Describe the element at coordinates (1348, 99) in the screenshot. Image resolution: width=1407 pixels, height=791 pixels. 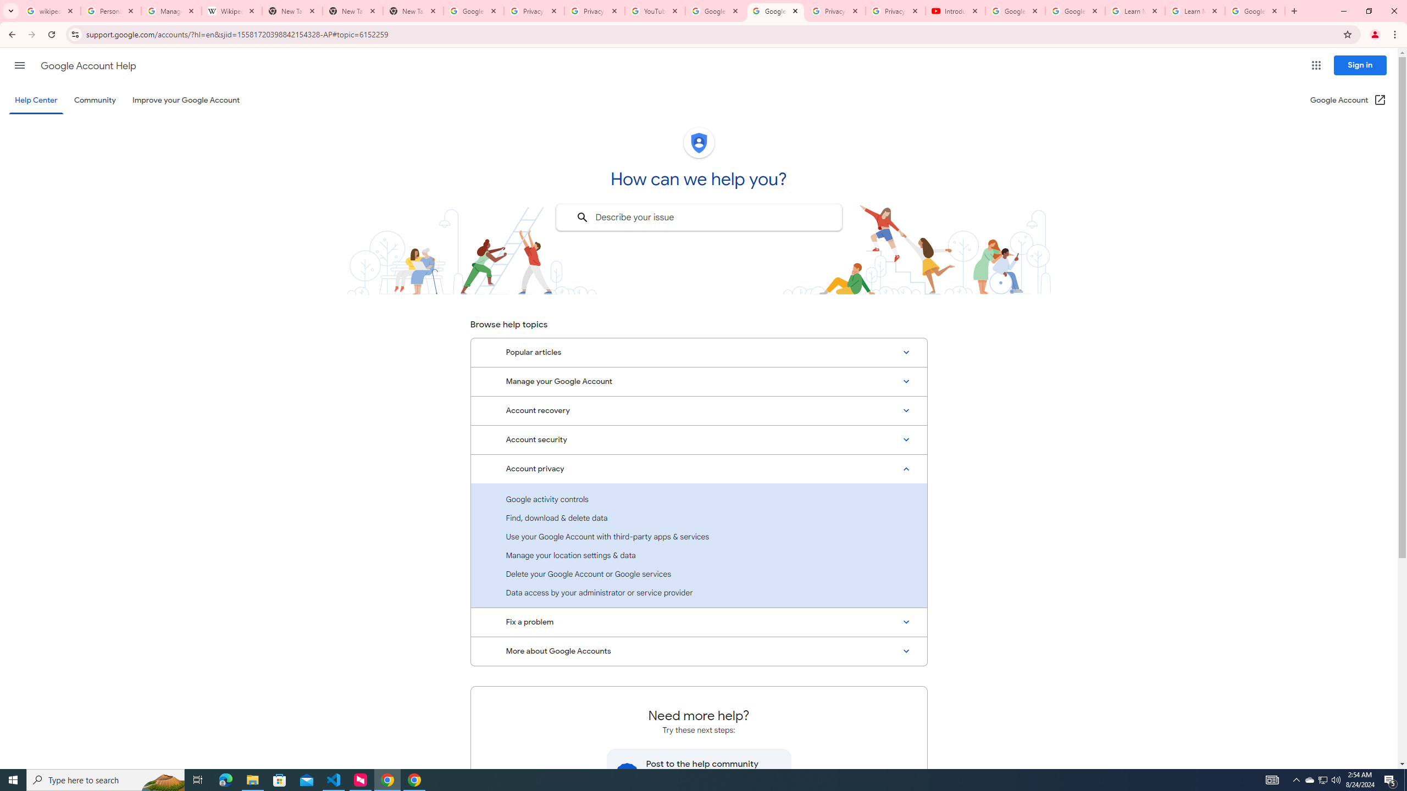
I see `'Google Account (Open in a new window)'` at that location.